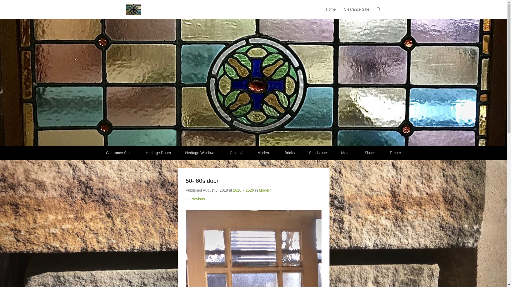 The width and height of the screenshot is (511, 287). Describe the element at coordinates (158, 153) in the screenshot. I see `'Heritage Doors'` at that location.